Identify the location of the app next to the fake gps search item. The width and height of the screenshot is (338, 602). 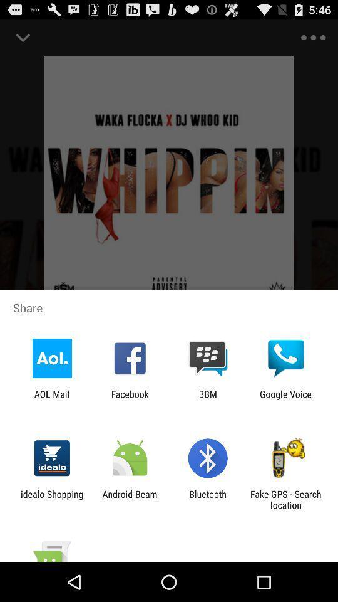
(208, 499).